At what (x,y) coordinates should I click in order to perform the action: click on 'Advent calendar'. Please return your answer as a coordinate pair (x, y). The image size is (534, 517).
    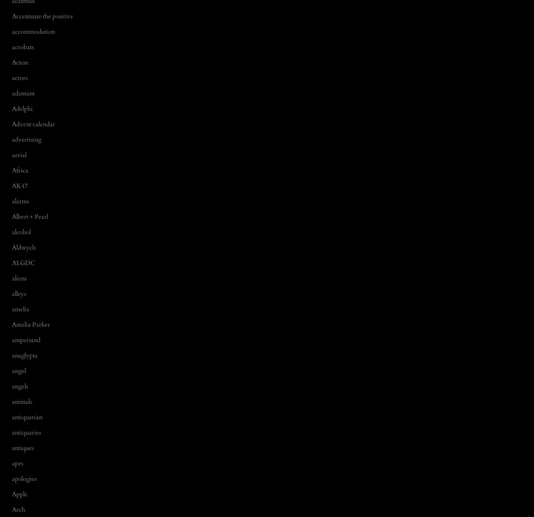
    Looking at the image, I should click on (33, 123).